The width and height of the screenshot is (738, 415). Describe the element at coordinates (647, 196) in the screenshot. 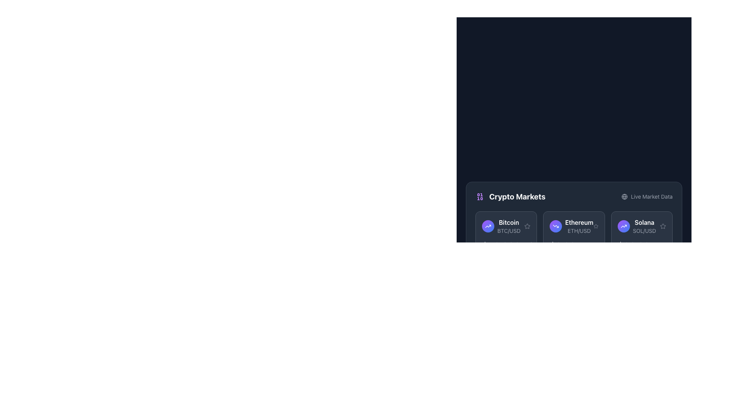

I see `the label with the globe icon and the text 'Live Market Data'` at that location.